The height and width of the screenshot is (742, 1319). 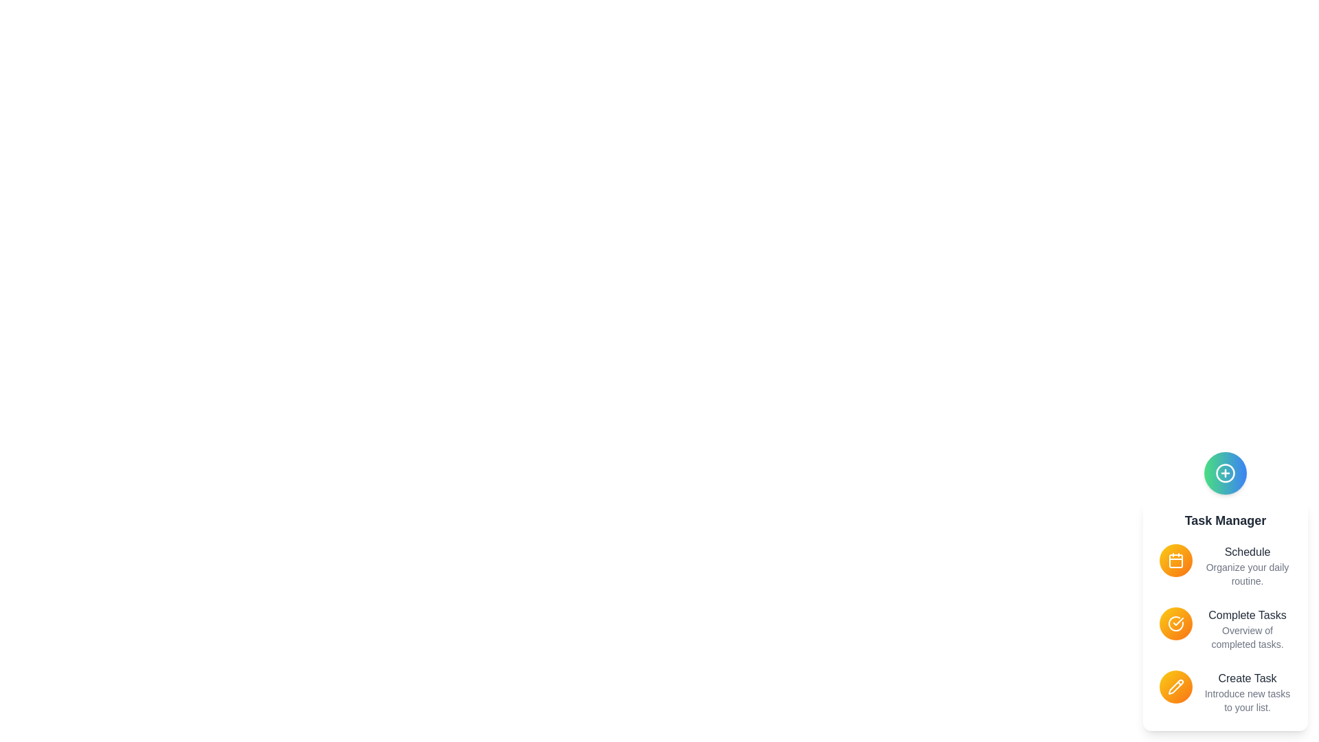 What do you see at coordinates (1247, 692) in the screenshot?
I see `the 'Create Task' option in the Task Manager Speed Dial` at bounding box center [1247, 692].